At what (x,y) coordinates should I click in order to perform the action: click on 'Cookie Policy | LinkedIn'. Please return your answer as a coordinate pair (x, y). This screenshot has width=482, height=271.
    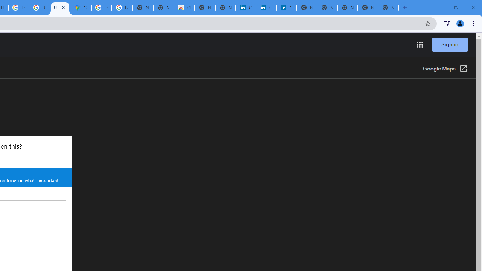
    Looking at the image, I should click on (246, 8).